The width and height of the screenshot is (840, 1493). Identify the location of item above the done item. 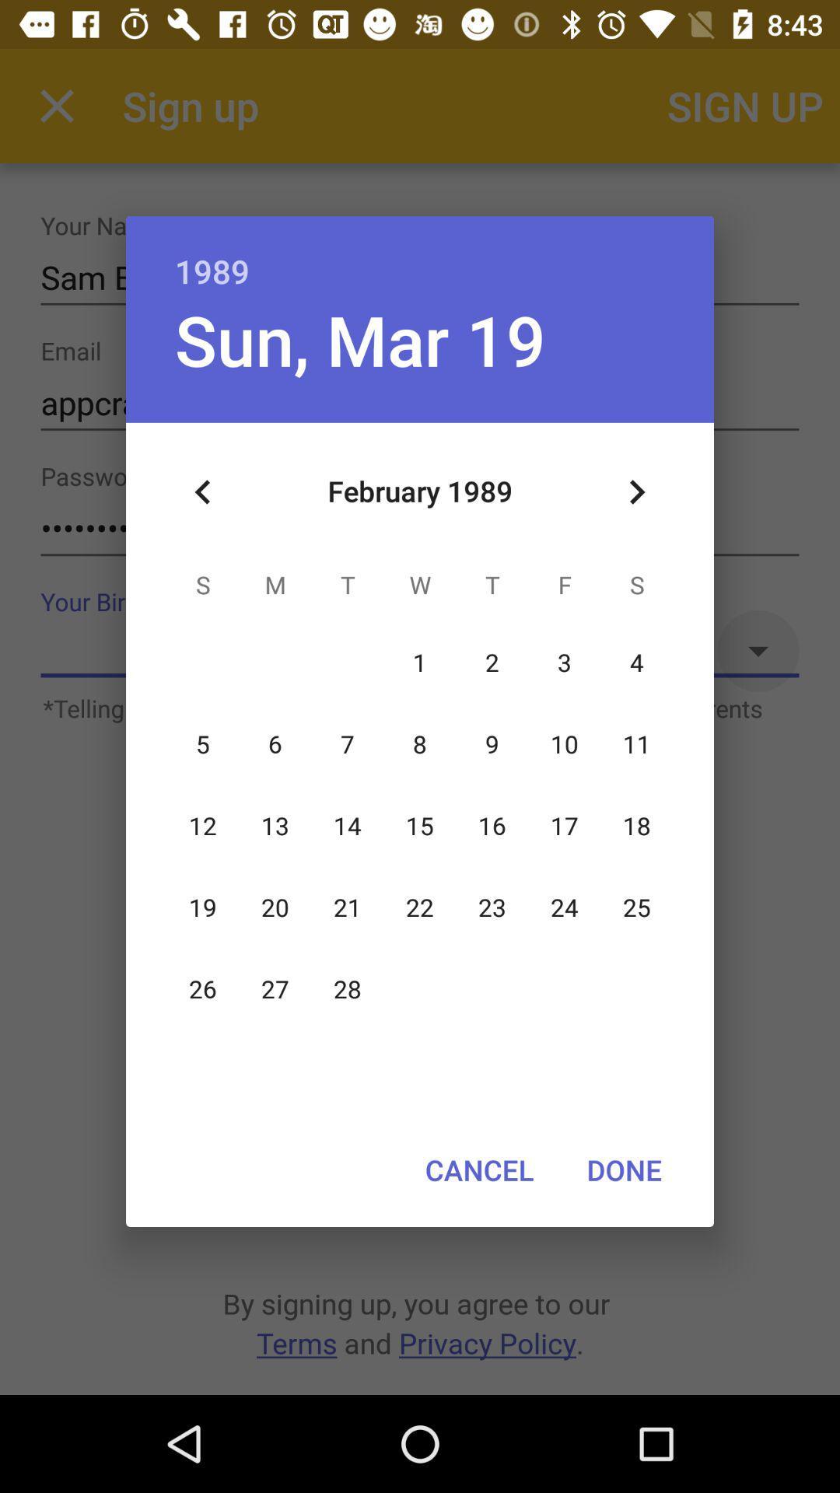
(636, 491).